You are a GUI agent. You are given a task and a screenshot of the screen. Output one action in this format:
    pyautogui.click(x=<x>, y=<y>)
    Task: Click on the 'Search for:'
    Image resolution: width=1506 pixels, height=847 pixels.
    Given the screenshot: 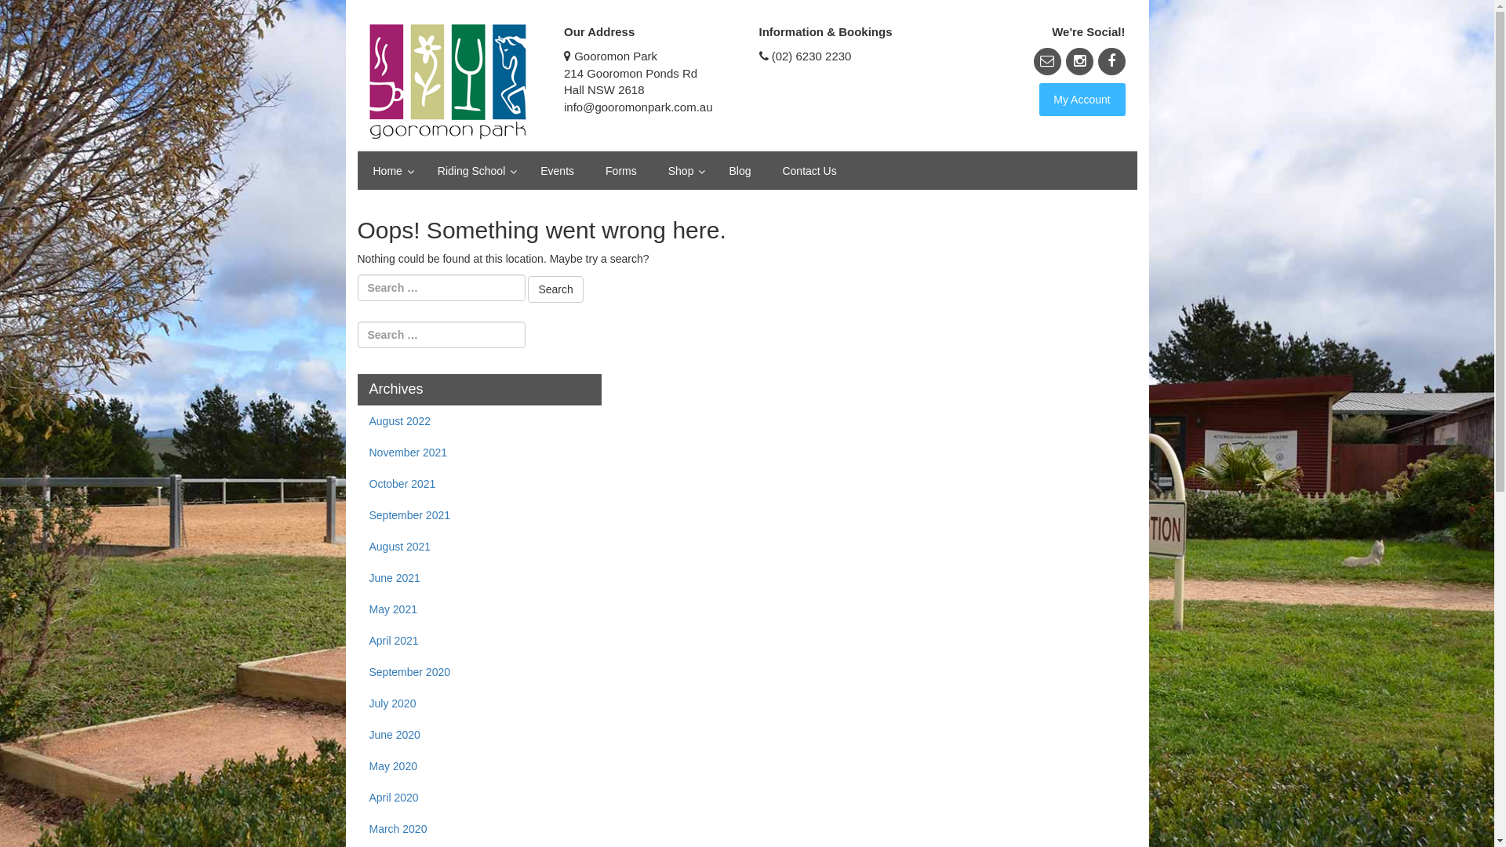 What is the action you would take?
    pyautogui.click(x=440, y=287)
    